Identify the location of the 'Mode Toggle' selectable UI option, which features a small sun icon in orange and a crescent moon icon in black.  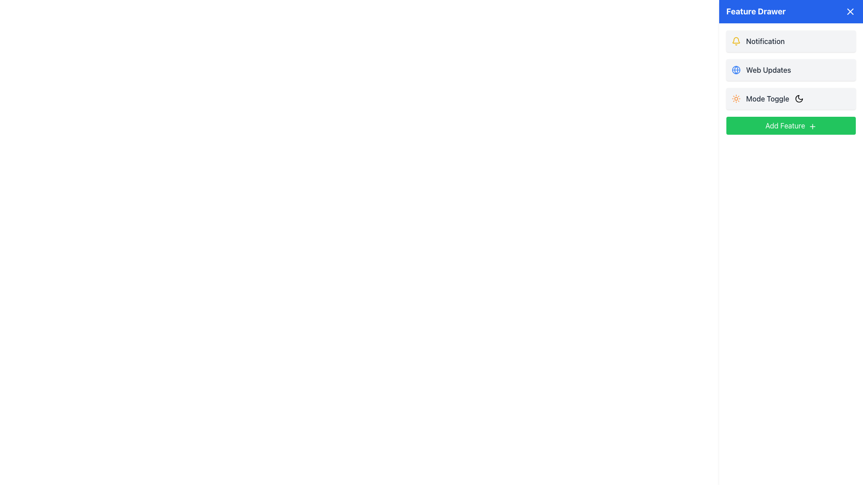
(791, 98).